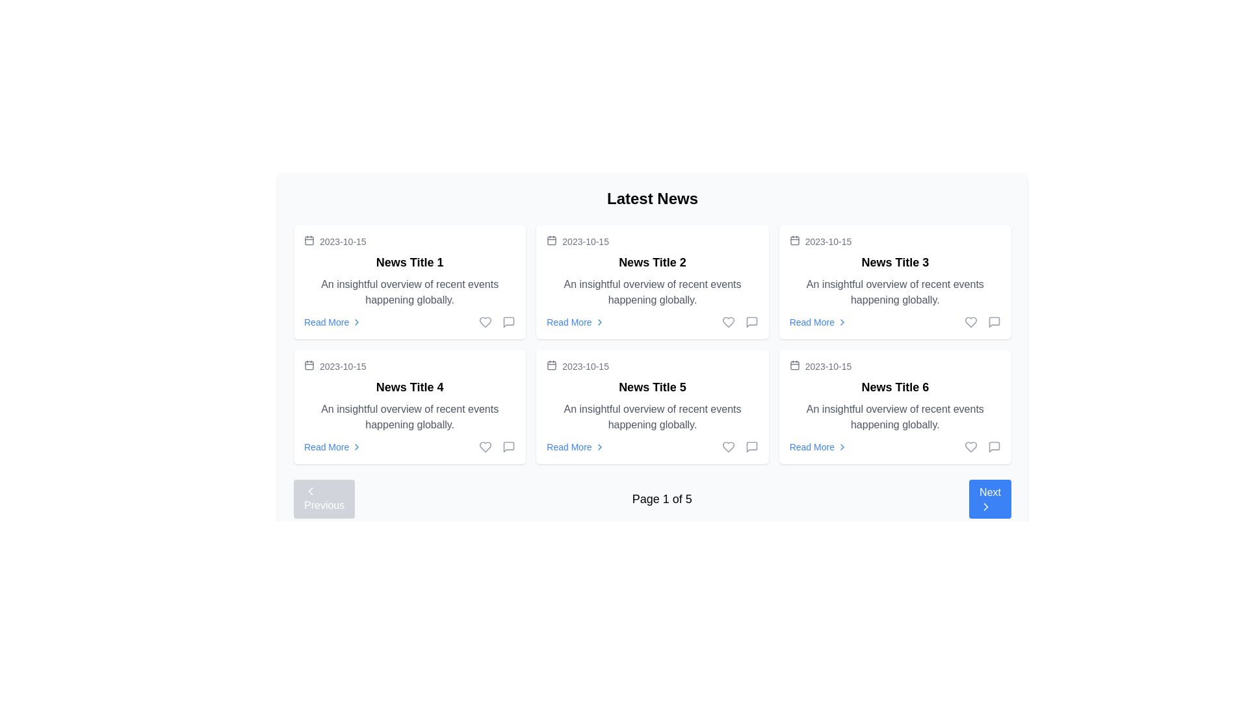 This screenshot has height=702, width=1248. What do you see at coordinates (842, 322) in the screenshot?
I see `the right-facing chevron icon indicating navigation or an expandable action, located to the right of the 'Read More' text in the card for 'News Title 3'` at bounding box center [842, 322].